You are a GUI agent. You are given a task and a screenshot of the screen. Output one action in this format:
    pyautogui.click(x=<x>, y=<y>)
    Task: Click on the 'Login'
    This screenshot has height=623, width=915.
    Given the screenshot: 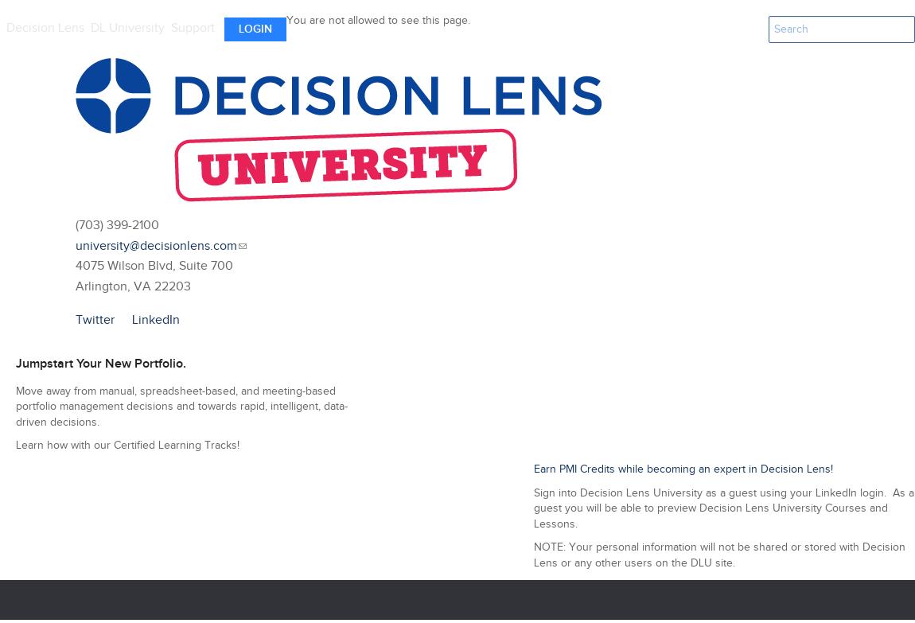 What is the action you would take?
    pyautogui.click(x=255, y=29)
    